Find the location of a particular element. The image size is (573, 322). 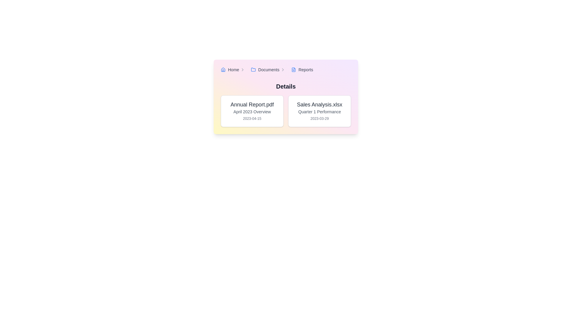

the Breadcrumb navigation bar is located at coordinates (286, 69).